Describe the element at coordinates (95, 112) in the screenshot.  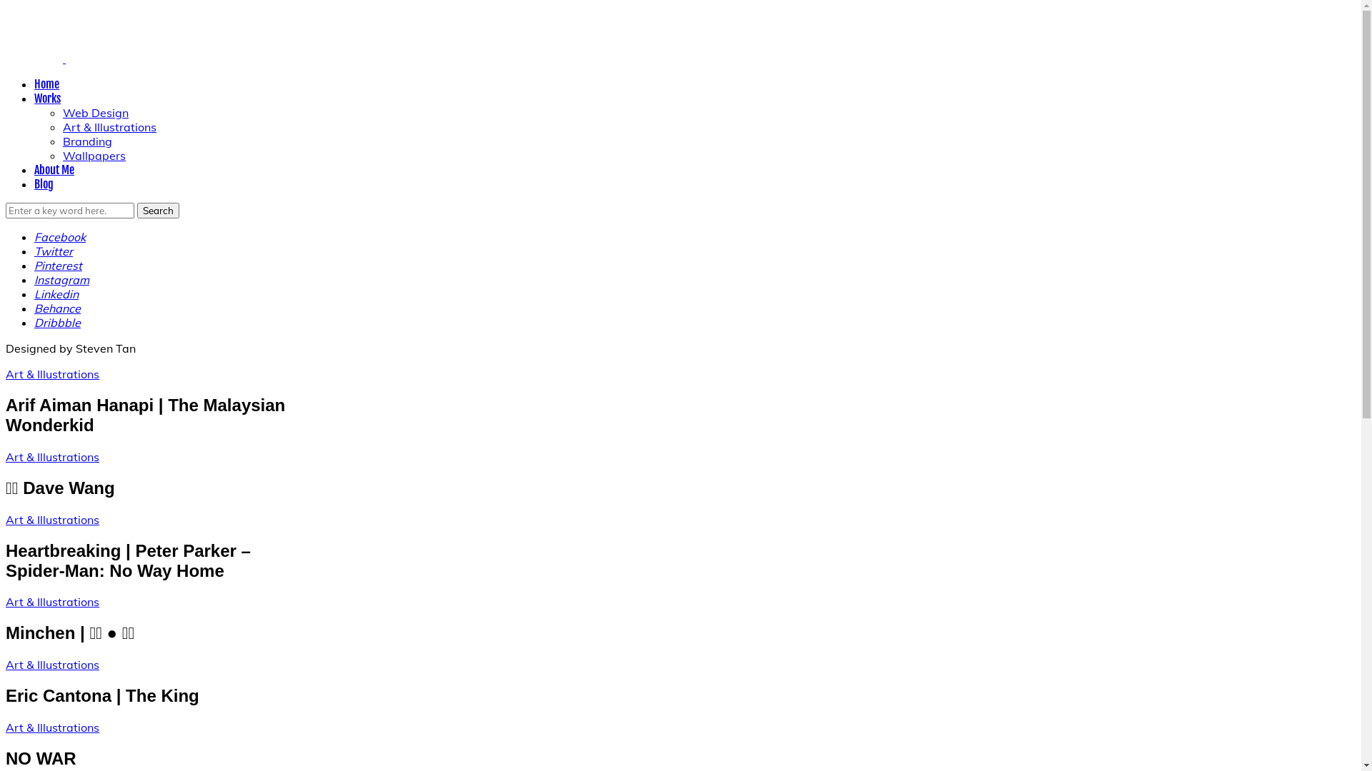
I see `'Web Design'` at that location.